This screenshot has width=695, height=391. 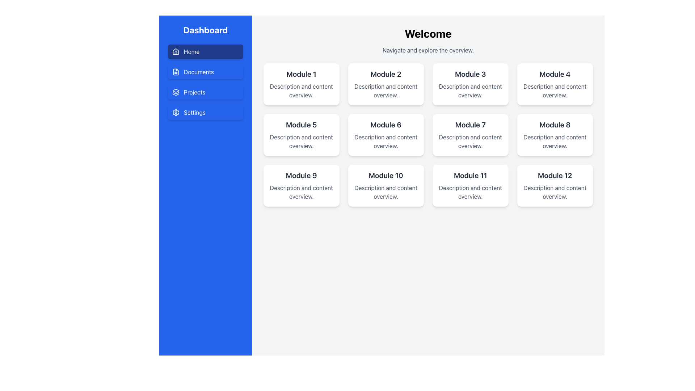 I want to click on the 'Documents' text label in the navigation menu, so click(x=199, y=72).